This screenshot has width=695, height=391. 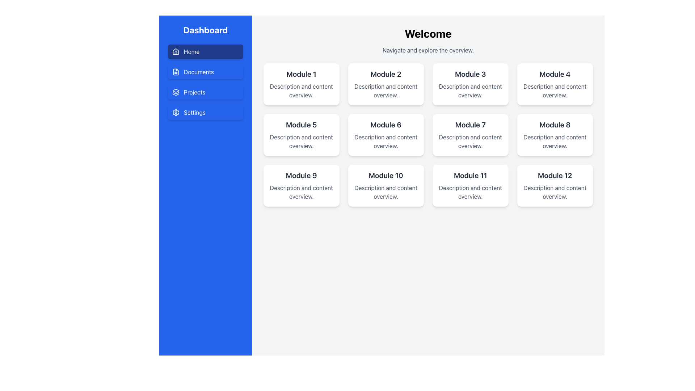 I want to click on the 'Documents' text label in the navigation menu, so click(x=199, y=72).